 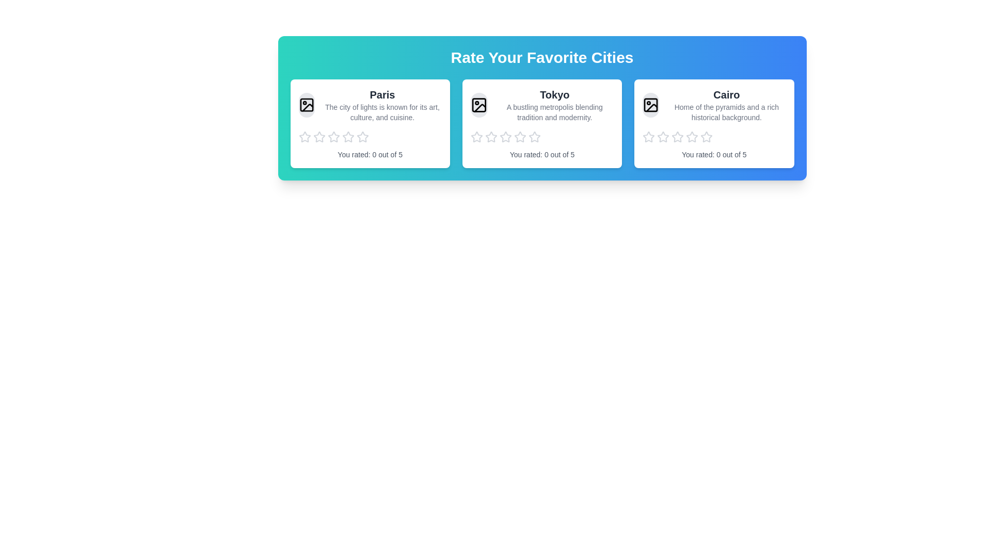 What do you see at coordinates (650, 105) in the screenshot?
I see `the circular illustrative icon or placeholder image located at the top-left corner of the Cairo card, which features a light gray background and a black outline, positioned directly to the left of the text 'Cairo'` at bounding box center [650, 105].